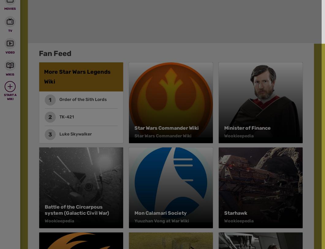 This screenshot has height=249, width=325. I want to click on 'What is Fandom?', so click(100, 5).